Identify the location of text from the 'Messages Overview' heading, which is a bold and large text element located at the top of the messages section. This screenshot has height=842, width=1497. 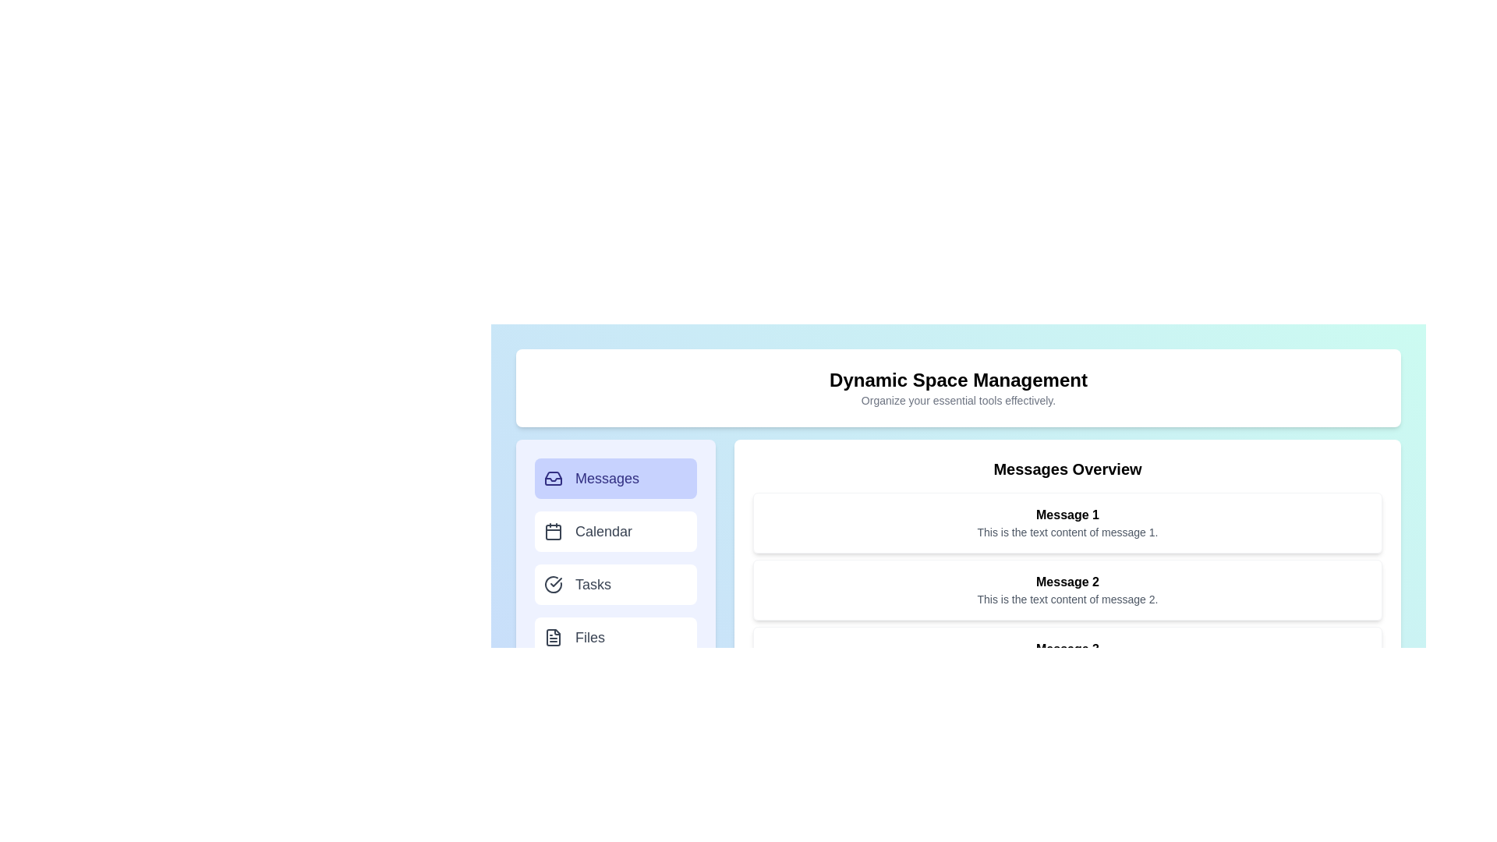
(1067, 468).